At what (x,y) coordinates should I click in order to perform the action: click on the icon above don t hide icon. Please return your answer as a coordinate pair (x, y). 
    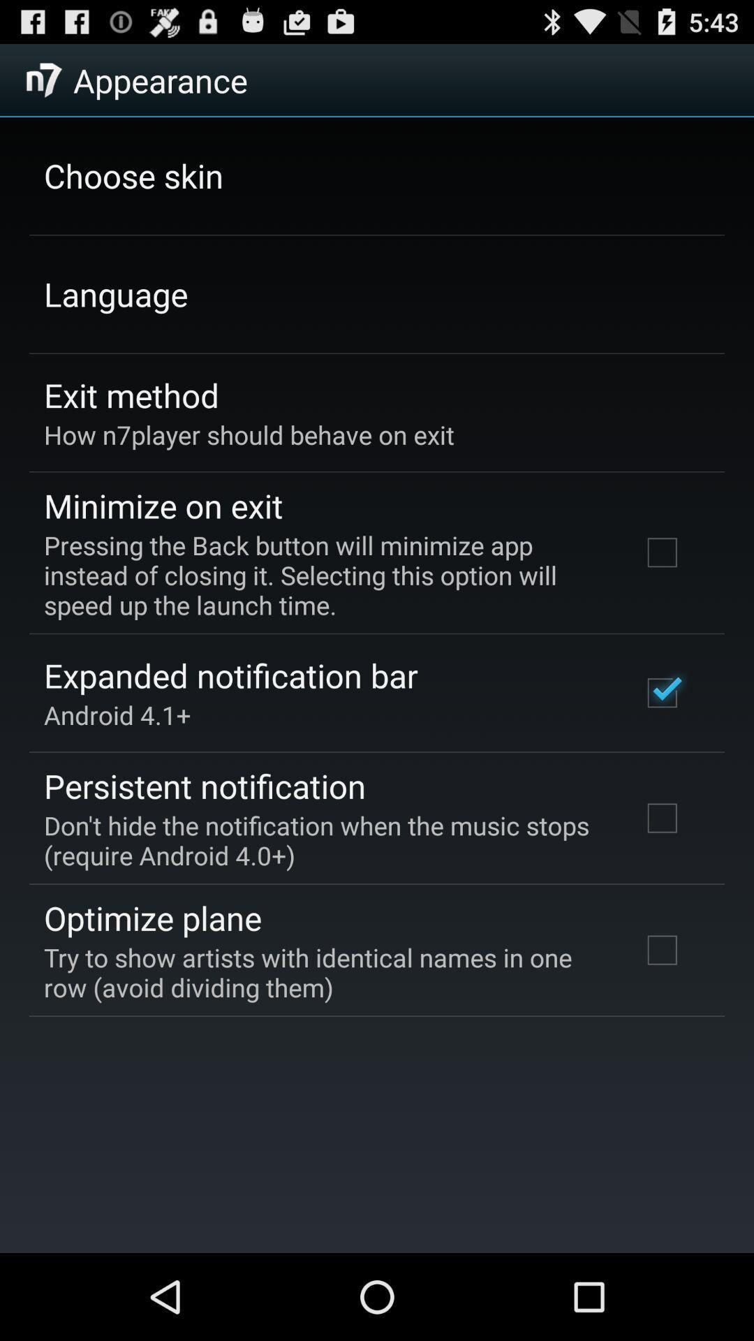
    Looking at the image, I should click on (205, 786).